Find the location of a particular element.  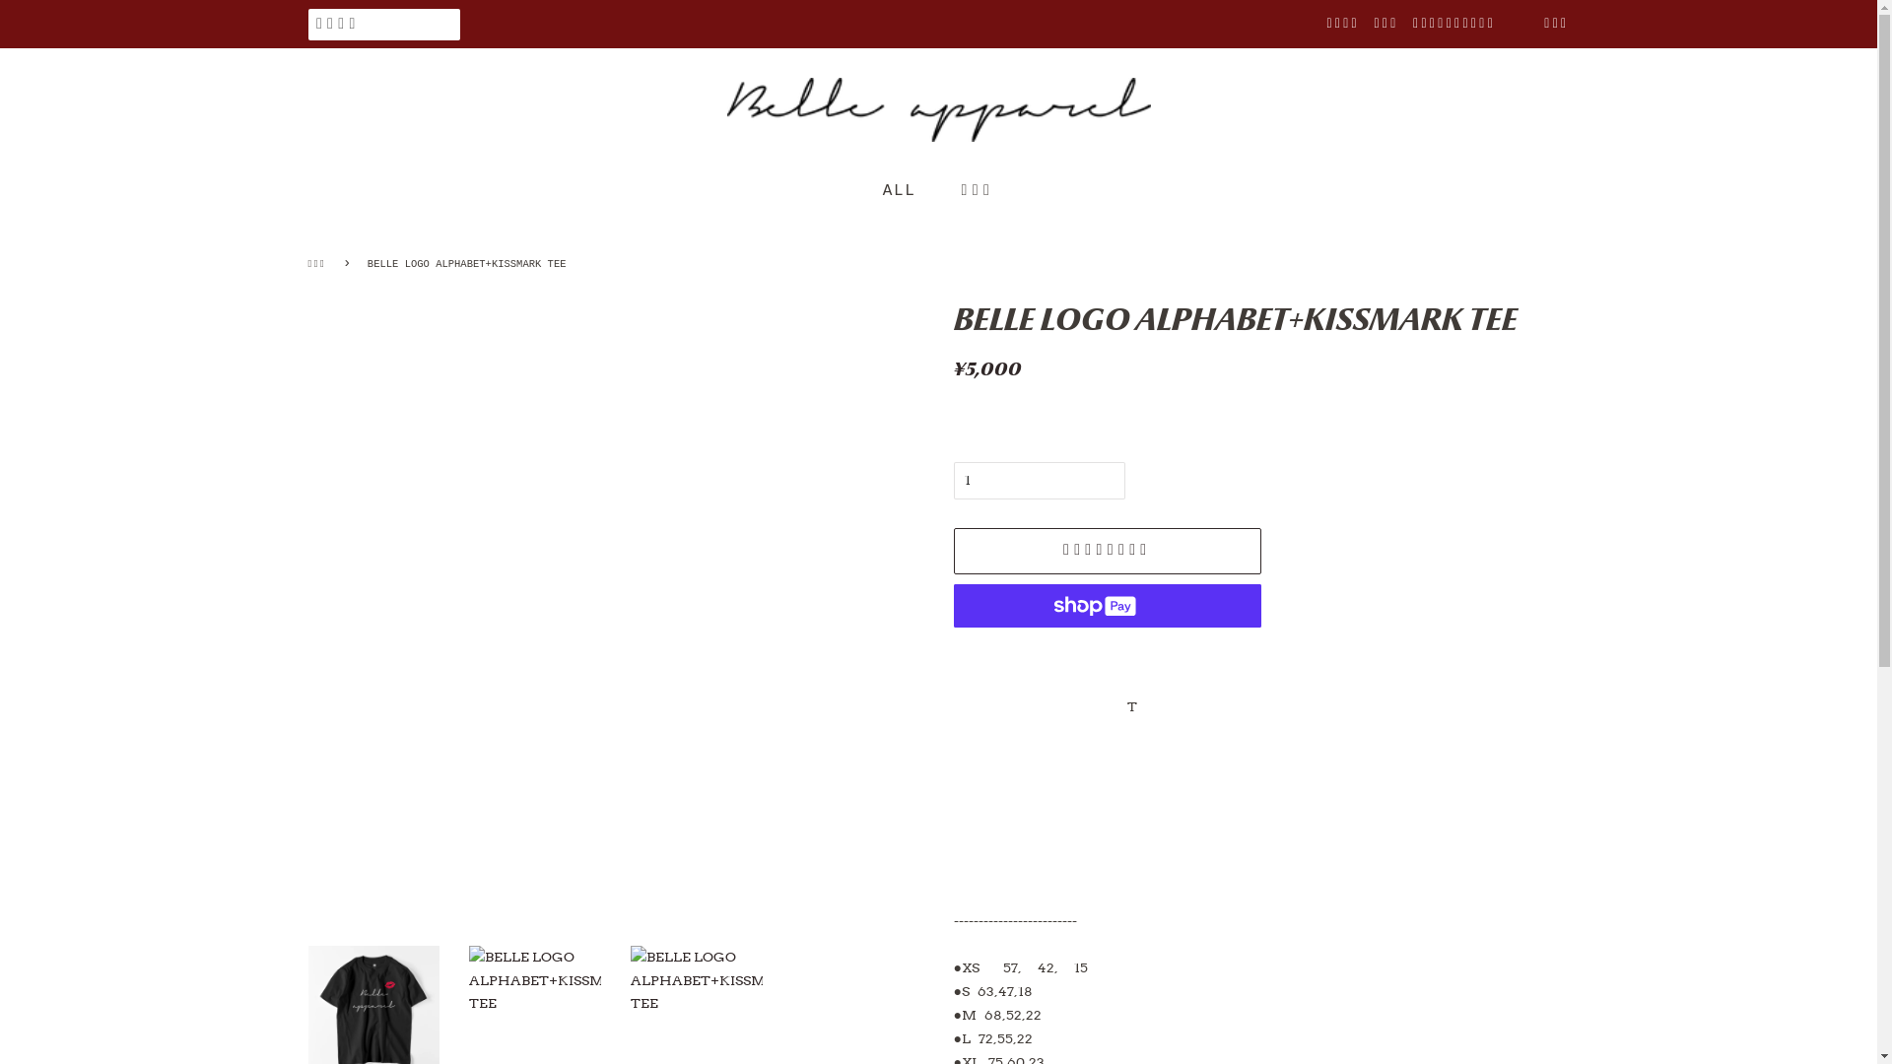

'ALL' is located at coordinates (908, 191).